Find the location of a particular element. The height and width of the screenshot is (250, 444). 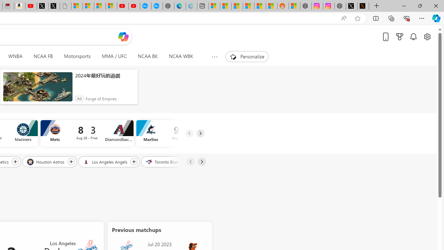

'Follow Los Angeles Angels' is located at coordinates (134, 161).